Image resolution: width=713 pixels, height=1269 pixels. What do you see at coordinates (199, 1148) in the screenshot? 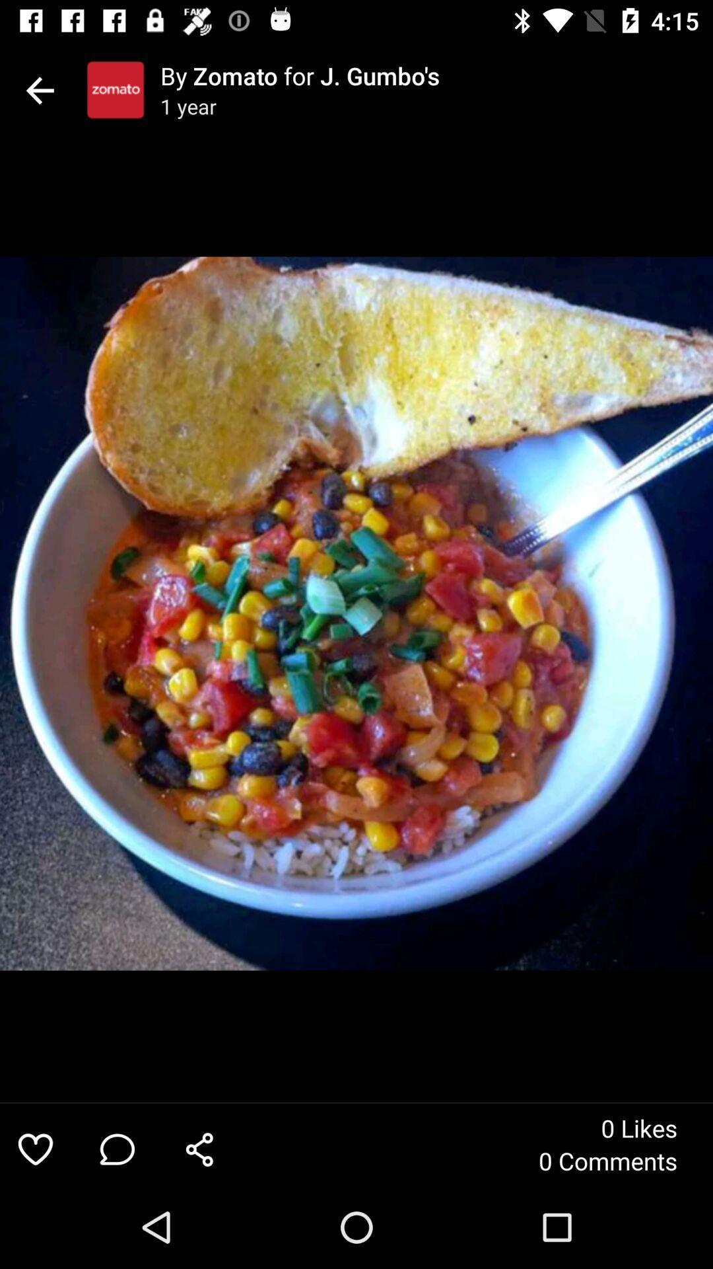
I see `item next to the 0 comments item` at bounding box center [199, 1148].